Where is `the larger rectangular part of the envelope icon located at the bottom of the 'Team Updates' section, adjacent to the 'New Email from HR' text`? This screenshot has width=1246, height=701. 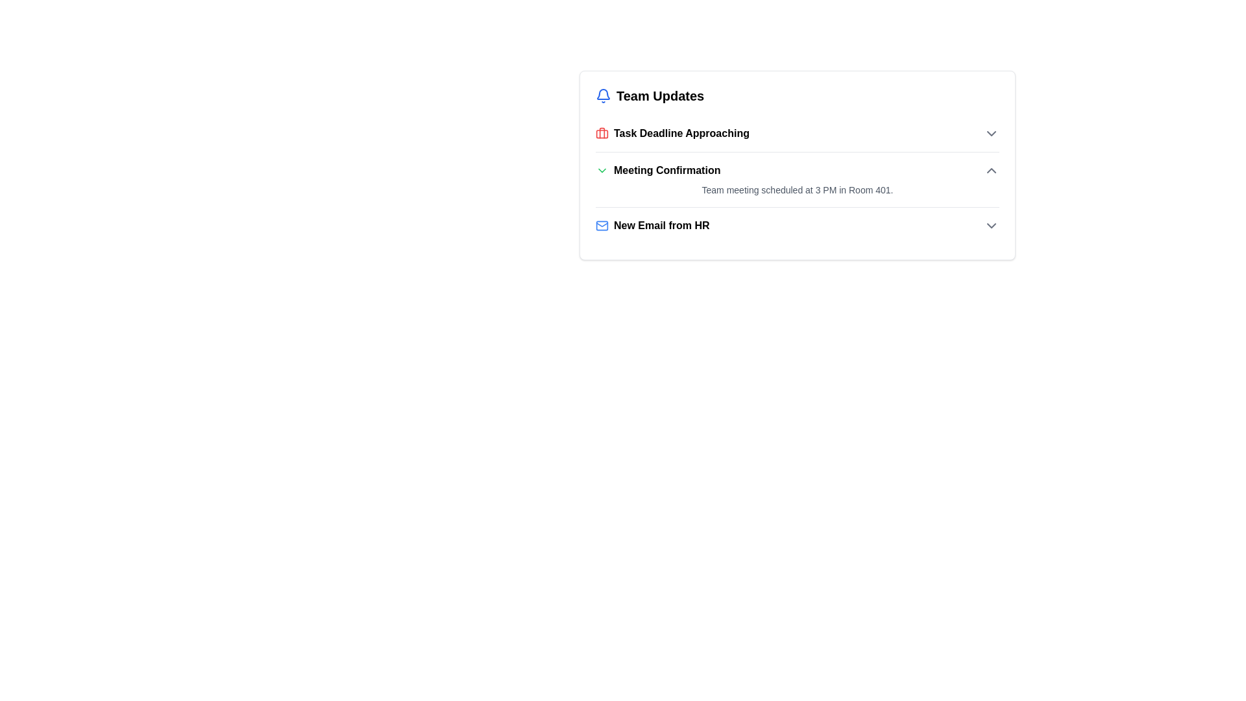 the larger rectangular part of the envelope icon located at the bottom of the 'Team Updates' section, adjacent to the 'New Email from HR' text is located at coordinates (601, 225).